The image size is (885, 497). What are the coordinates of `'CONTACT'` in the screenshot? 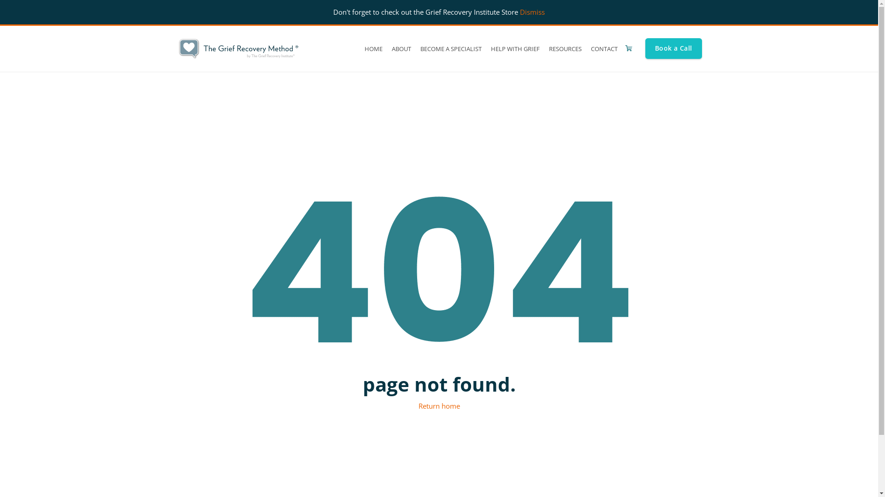 It's located at (604, 48).